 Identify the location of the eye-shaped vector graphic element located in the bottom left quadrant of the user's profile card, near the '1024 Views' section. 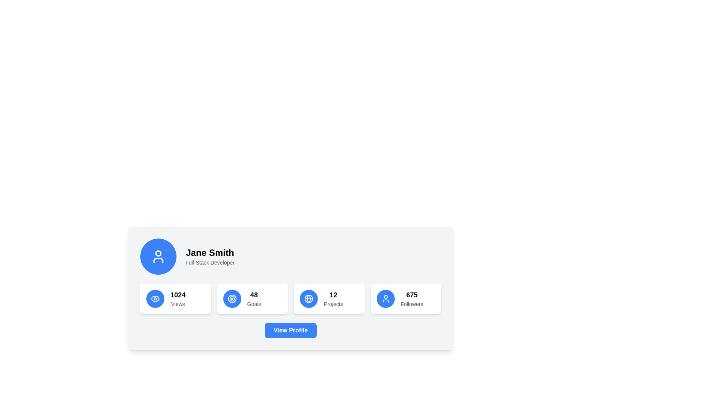
(155, 298).